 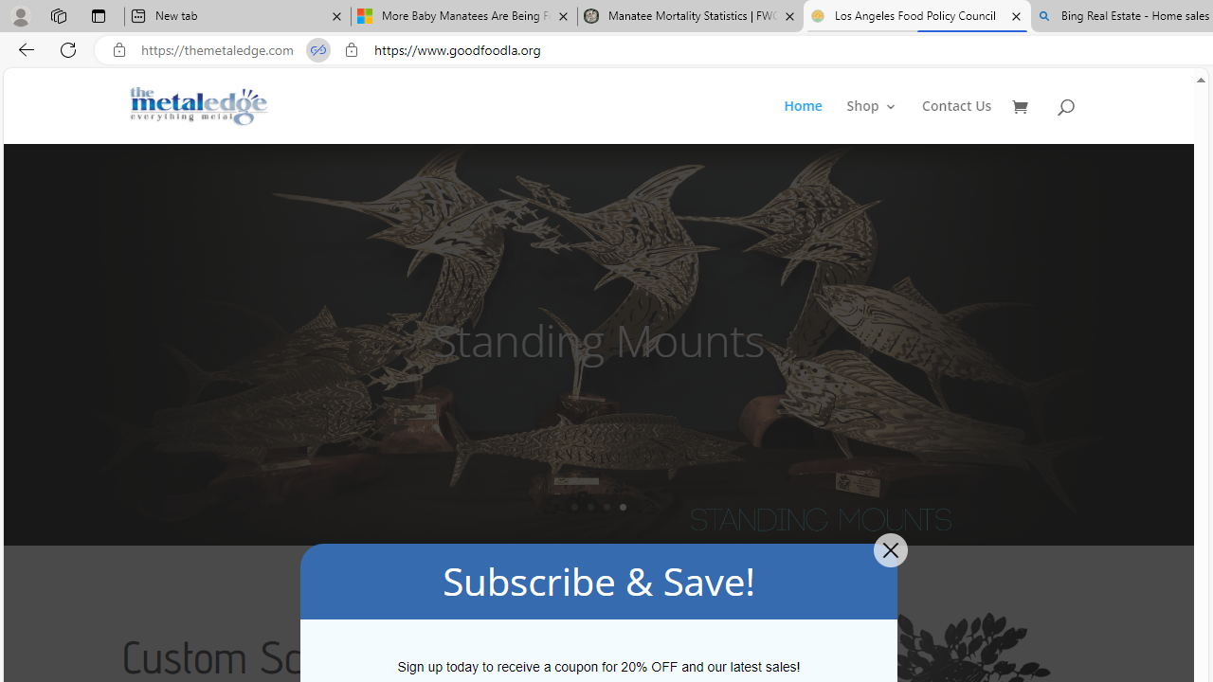 I want to click on 'Home', so click(x=813, y=121).